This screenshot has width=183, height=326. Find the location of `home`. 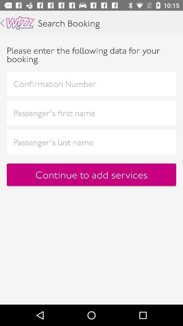

home is located at coordinates (20, 23).